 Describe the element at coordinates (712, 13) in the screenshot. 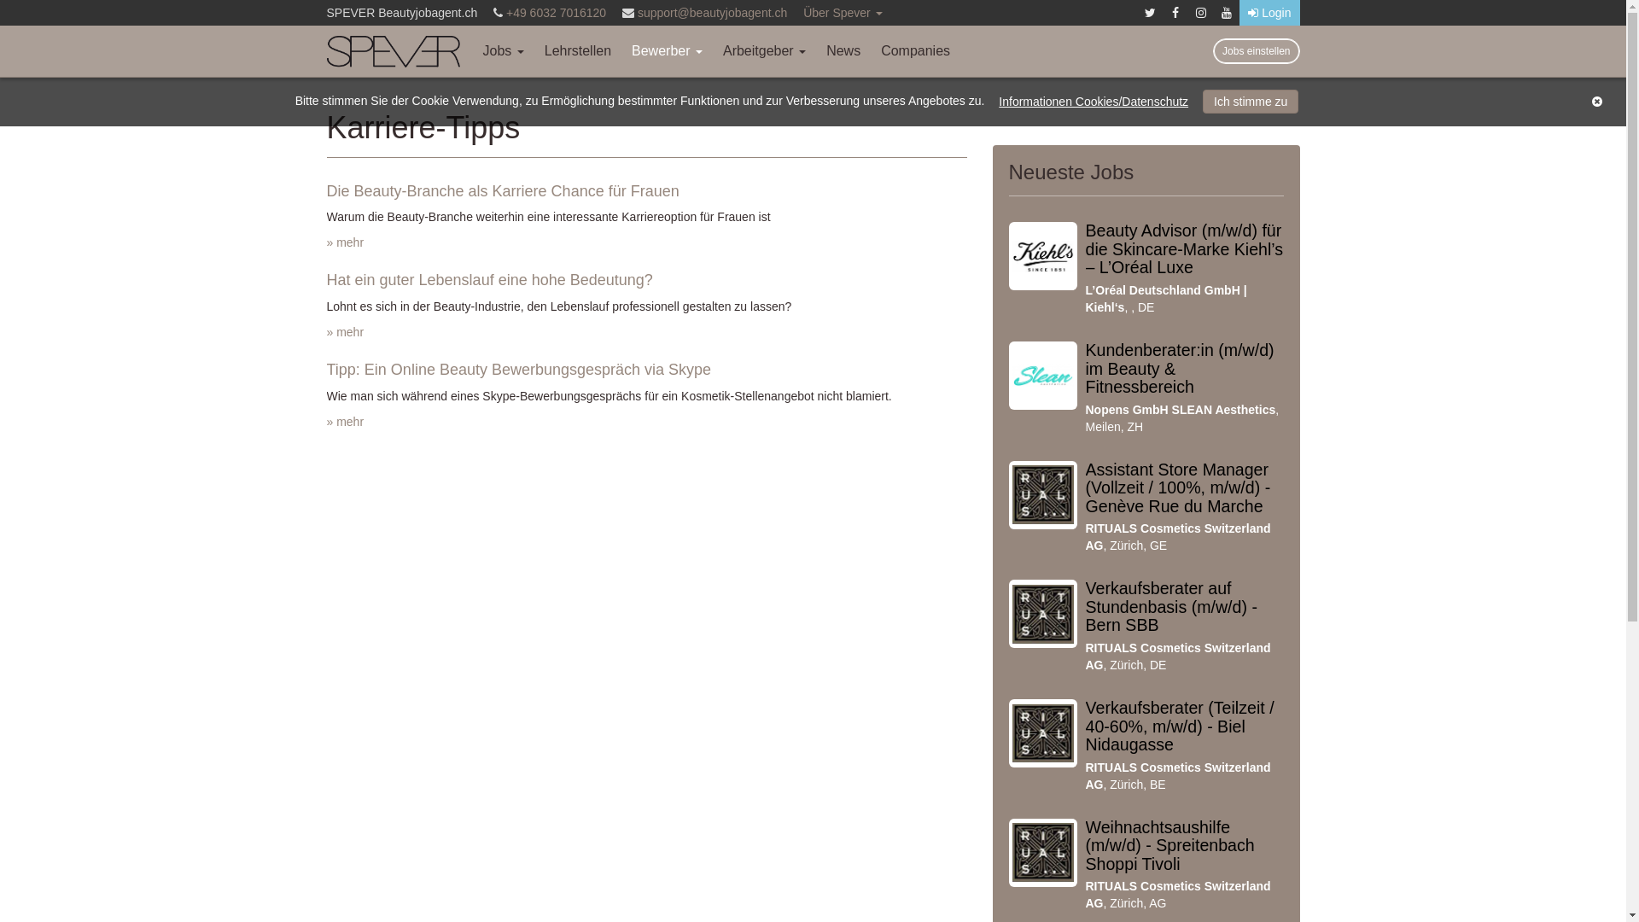

I see `'support@beautyjobagent.ch'` at that location.